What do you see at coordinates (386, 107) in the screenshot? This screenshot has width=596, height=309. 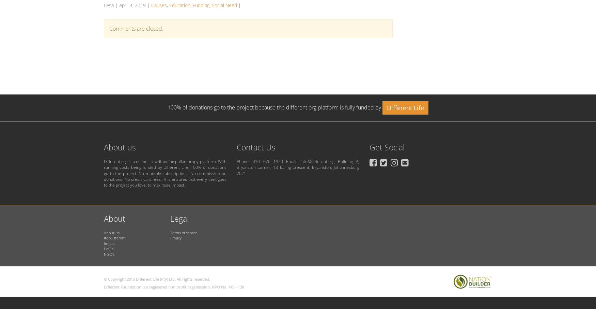 I see `'Different Life'` at bounding box center [386, 107].